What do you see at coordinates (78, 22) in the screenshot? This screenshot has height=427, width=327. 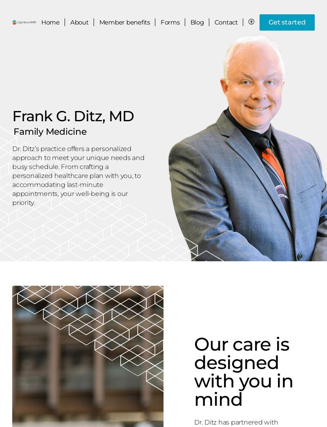 I see `'About'` at bounding box center [78, 22].